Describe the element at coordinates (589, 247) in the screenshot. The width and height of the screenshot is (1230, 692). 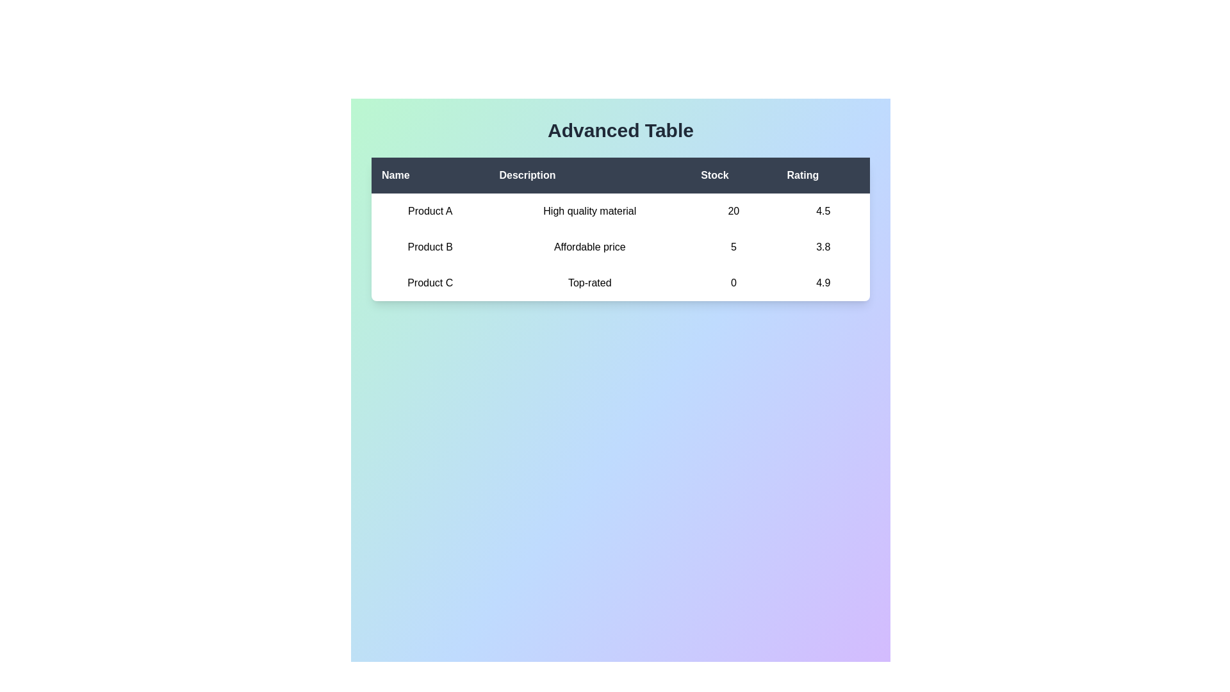
I see `text label displaying 'Affordable price' located under the 'Description' column for 'Product B' in the table` at that location.